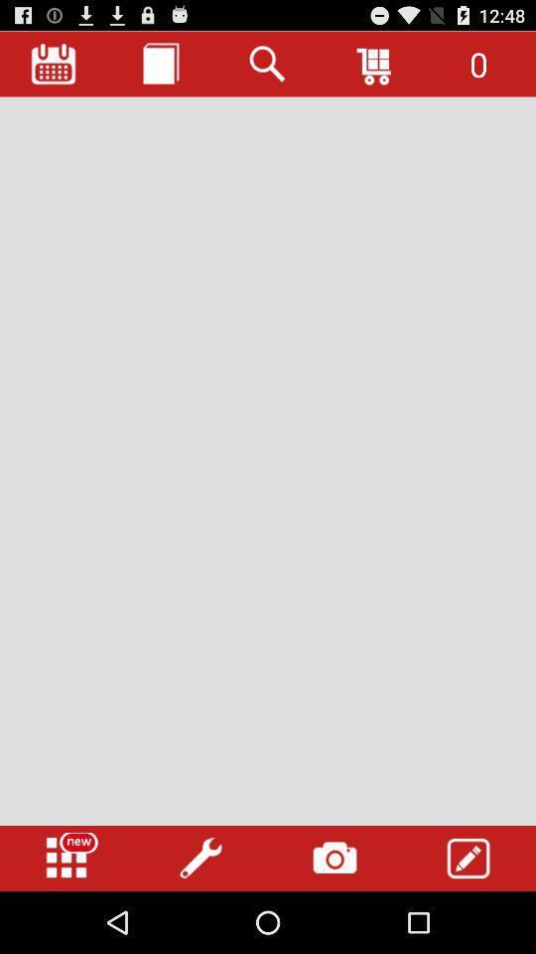 The height and width of the screenshot is (954, 536). What do you see at coordinates (54, 64) in the screenshot?
I see `check calendar` at bounding box center [54, 64].